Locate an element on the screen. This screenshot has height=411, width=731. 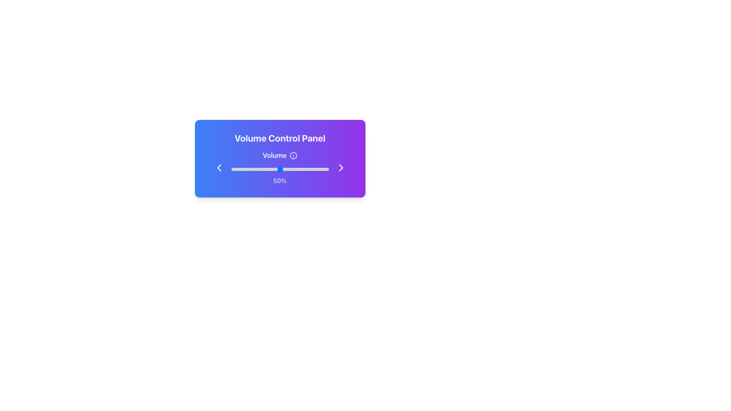
'Volume' label text, which is styled in bold, large white font and centrally aligned in the 'Volume Control Panel' interface is located at coordinates (274, 155).